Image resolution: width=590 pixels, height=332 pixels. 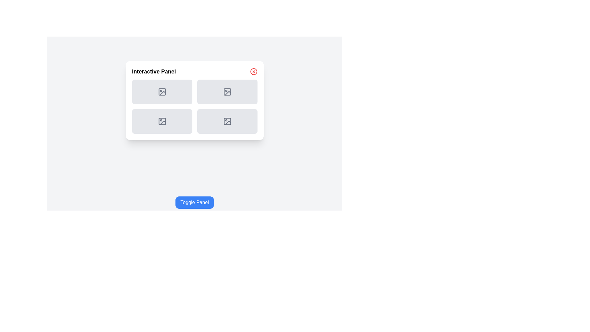 I want to click on the icon representing a missing image located at the bottom right of the grid in the 'Interactive Panel', so click(x=227, y=121).